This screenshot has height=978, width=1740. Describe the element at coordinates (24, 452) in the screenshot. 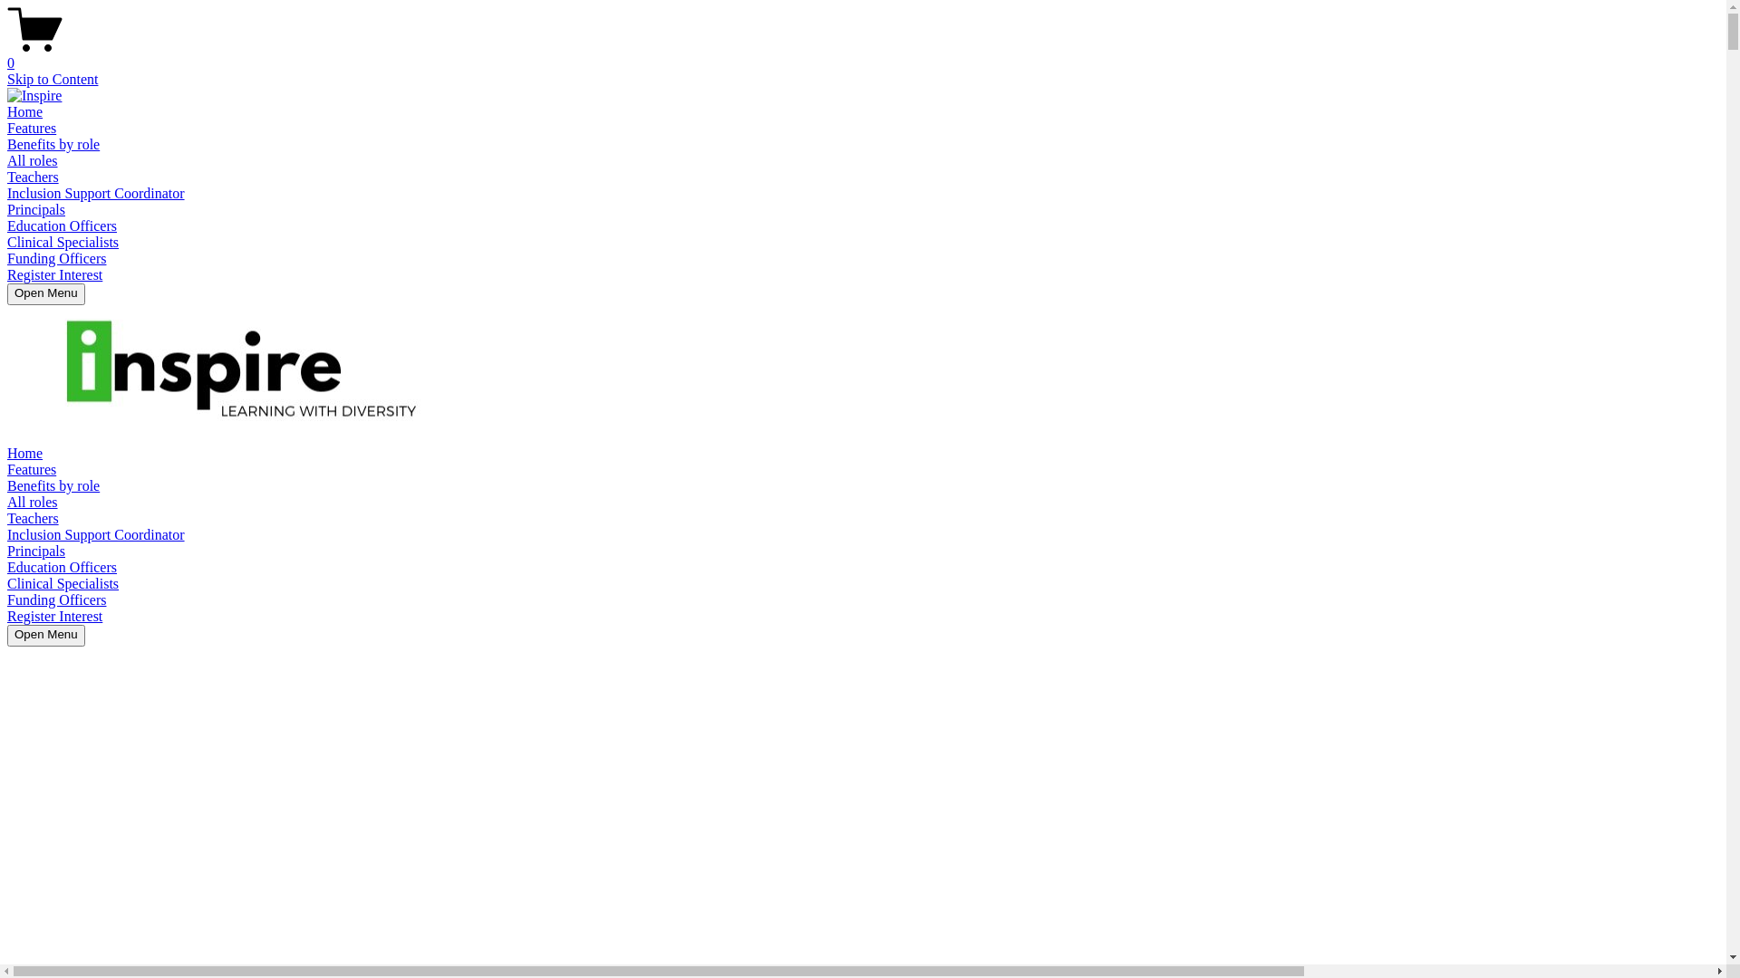

I see `'Home'` at that location.